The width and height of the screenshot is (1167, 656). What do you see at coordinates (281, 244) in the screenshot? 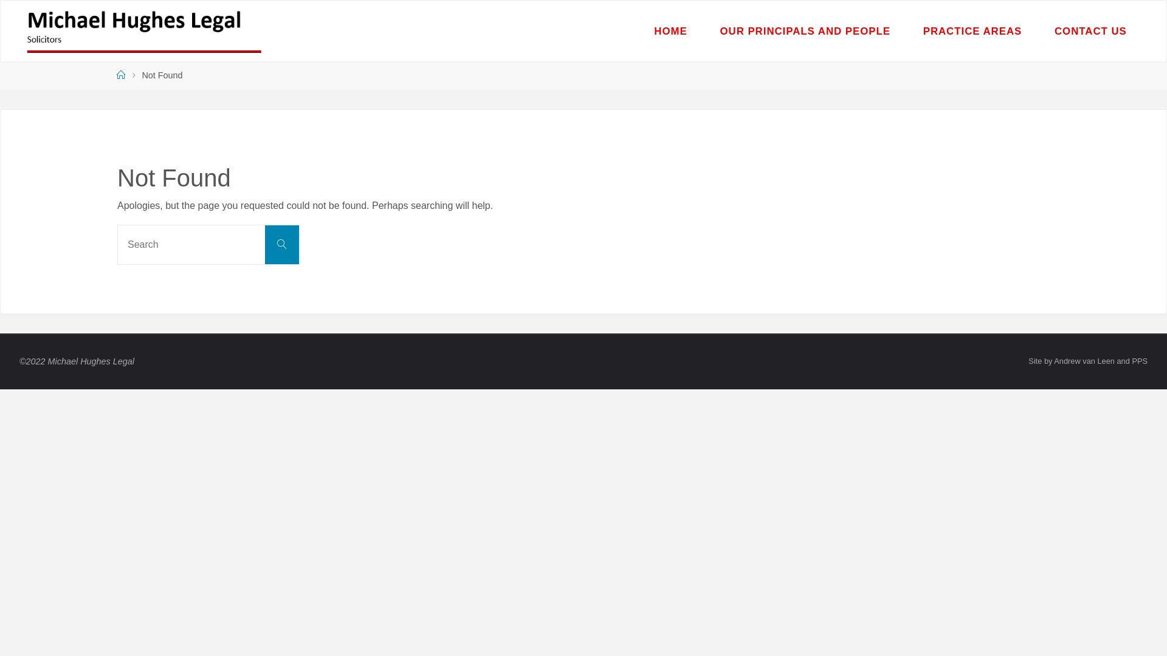
I see `'Search'` at bounding box center [281, 244].